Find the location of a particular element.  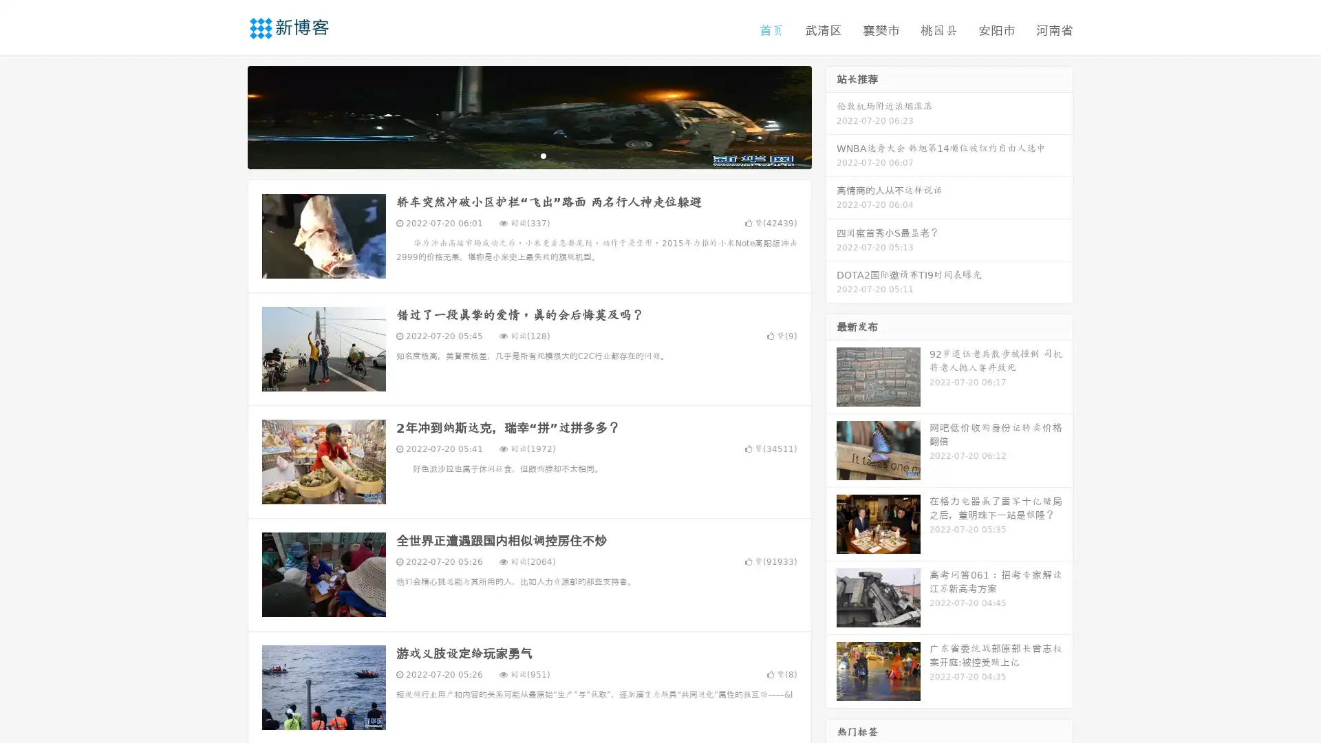

Go to slide 2 is located at coordinates (528, 155).